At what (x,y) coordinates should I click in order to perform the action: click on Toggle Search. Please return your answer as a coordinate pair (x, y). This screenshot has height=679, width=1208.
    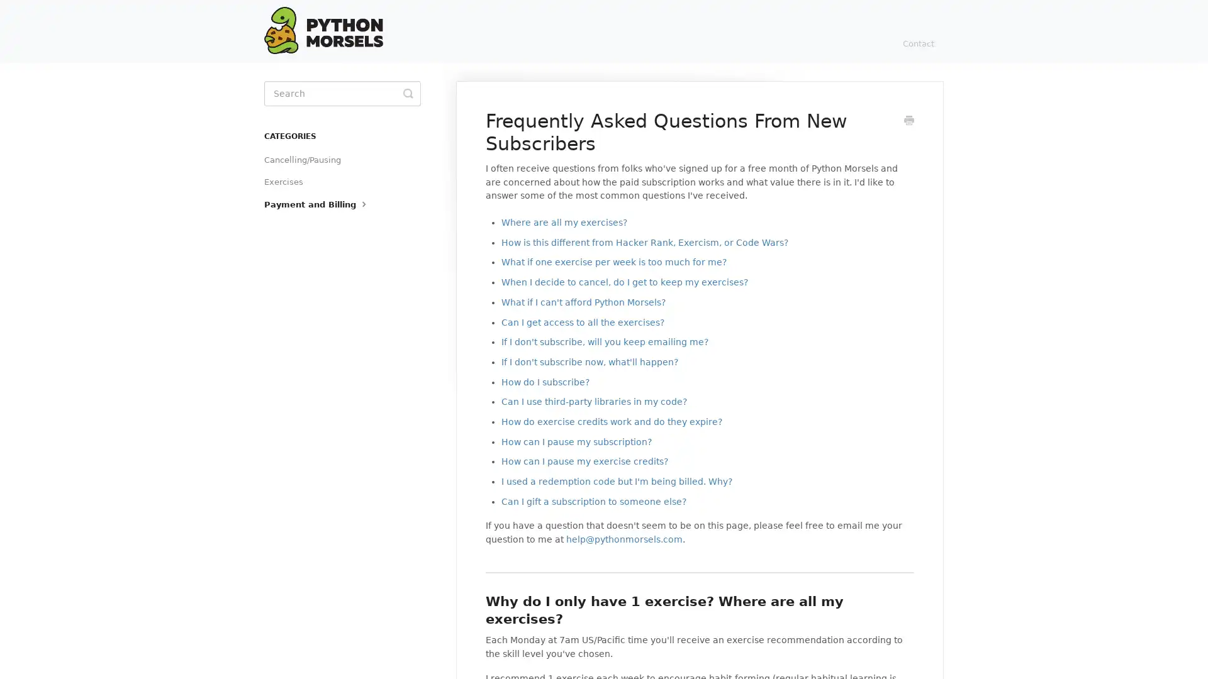
    Looking at the image, I should click on (408, 93).